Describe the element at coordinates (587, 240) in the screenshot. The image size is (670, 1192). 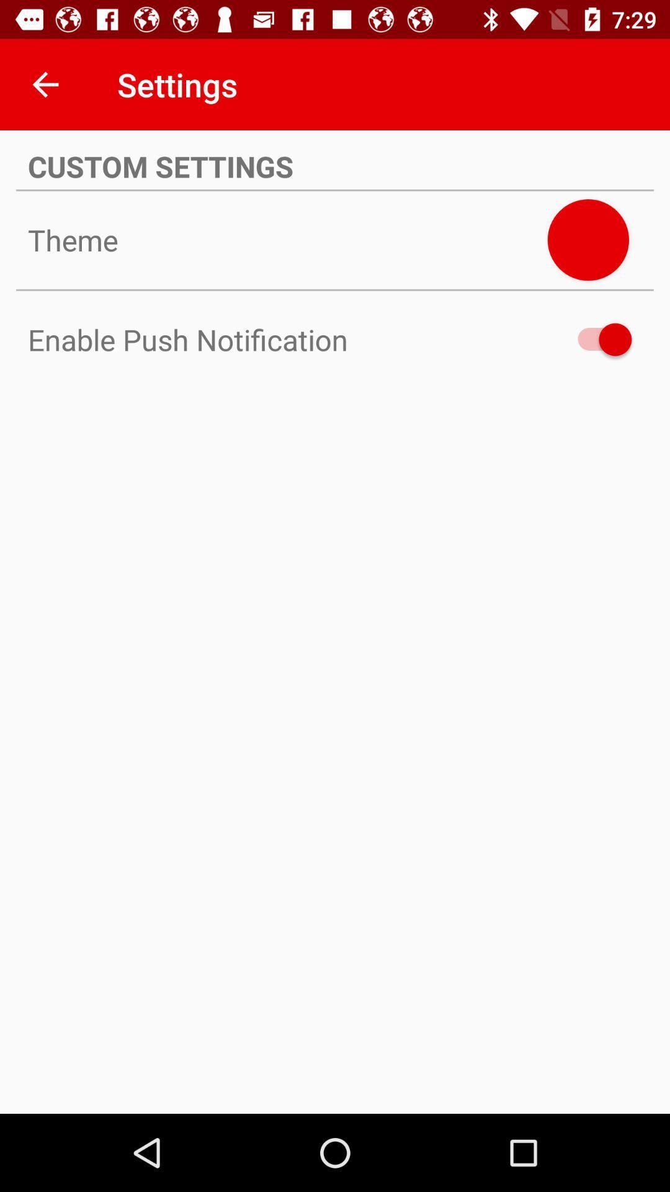
I see `change theme` at that location.